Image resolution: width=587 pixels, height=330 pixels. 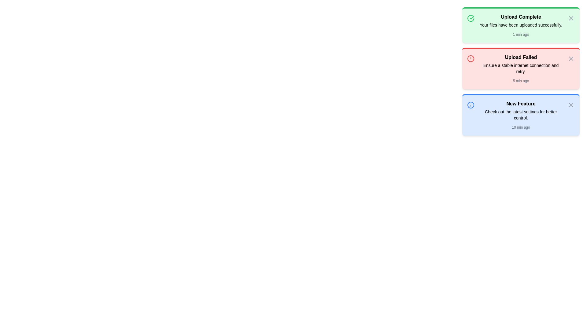 What do you see at coordinates (471, 18) in the screenshot?
I see `the status indicator icon located at the top-left corner of the green-highlighted notification card titled 'Upload Complete'` at bounding box center [471, 18].